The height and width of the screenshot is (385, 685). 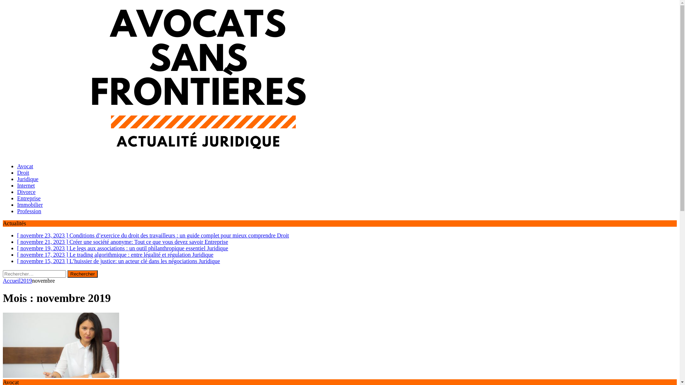 What do you see at coordinates (67, 273) in the screenshot?
I see `'Rechercher'` at bounding box center [67, 273].